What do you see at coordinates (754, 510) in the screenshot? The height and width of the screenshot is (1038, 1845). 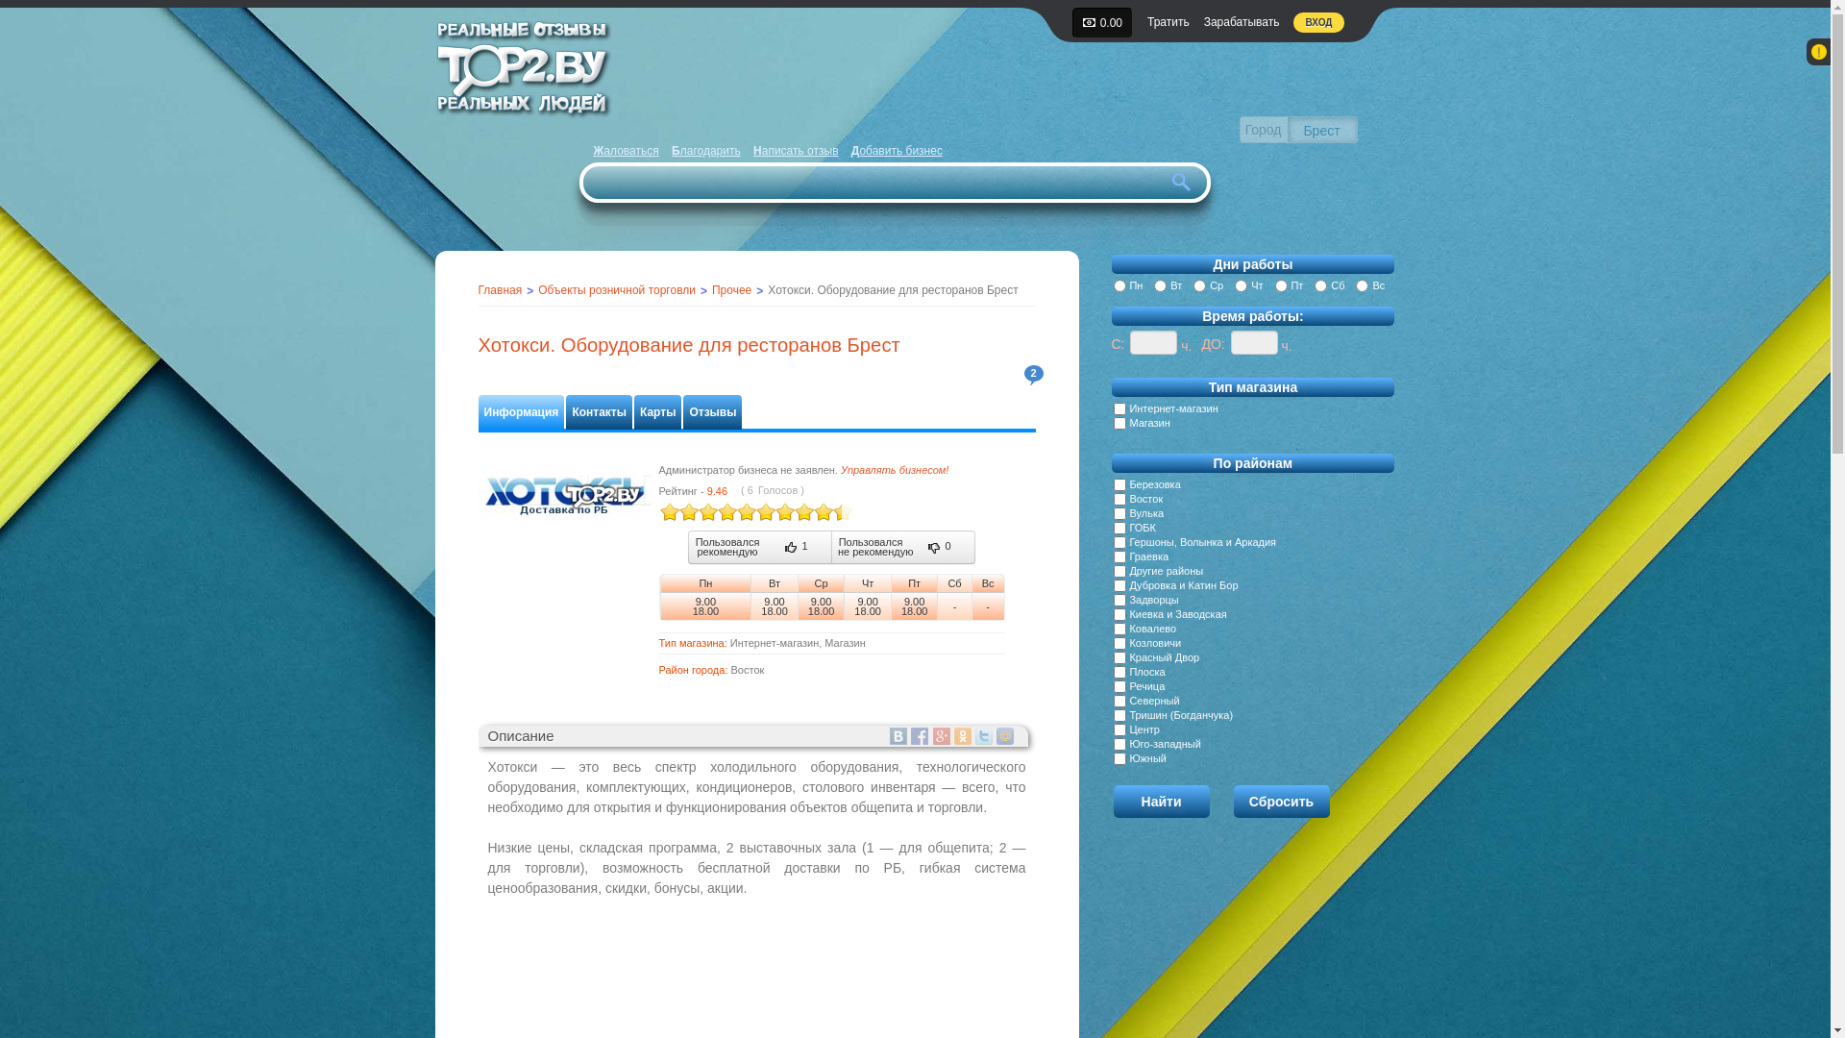 I see `'10'` at bounding box center [754, 510].